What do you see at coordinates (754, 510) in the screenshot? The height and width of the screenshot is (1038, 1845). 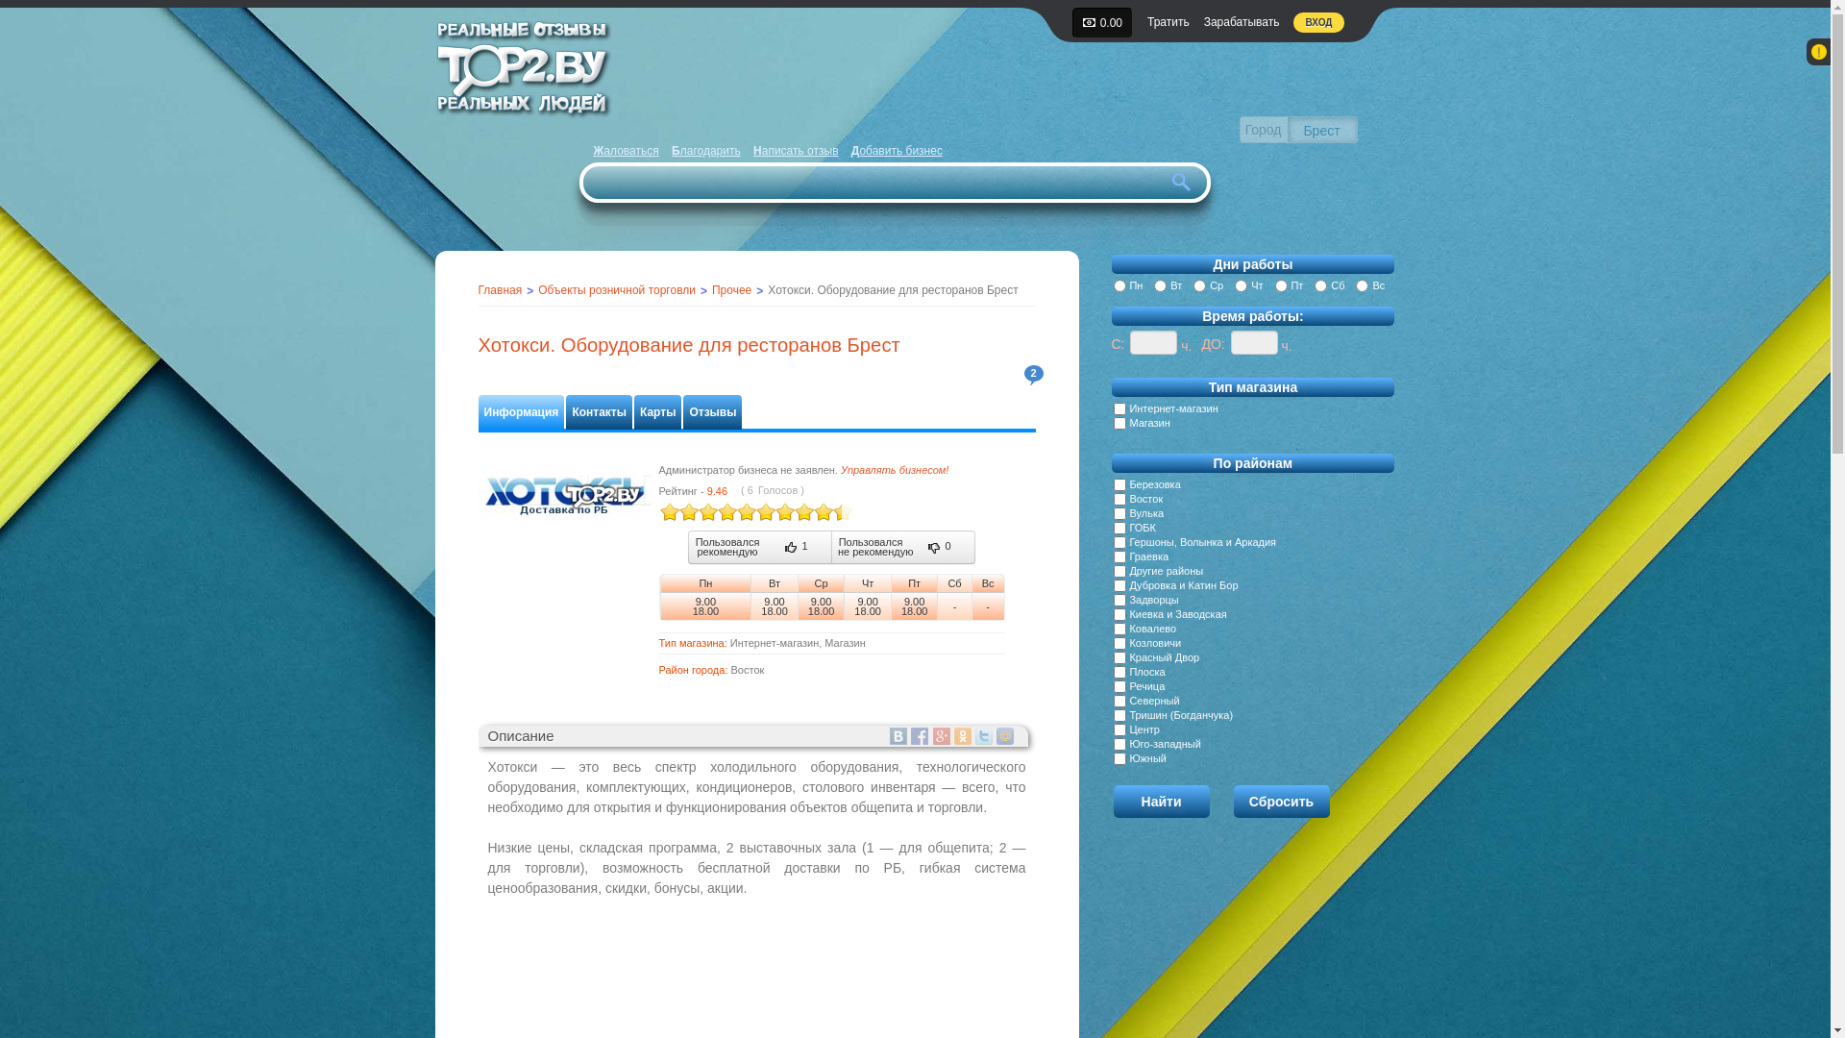 I see `'10'` at bounding box center [754, 510].